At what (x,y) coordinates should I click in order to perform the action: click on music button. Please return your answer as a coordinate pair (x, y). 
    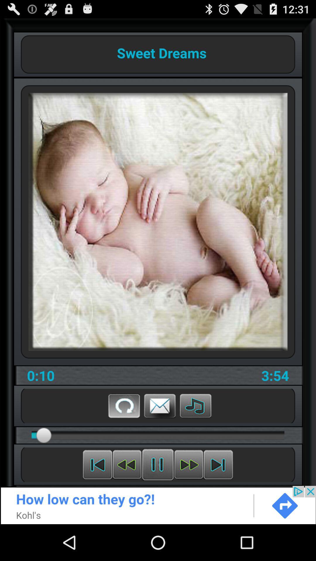
    Looking at the image, I should click on (195, 405).